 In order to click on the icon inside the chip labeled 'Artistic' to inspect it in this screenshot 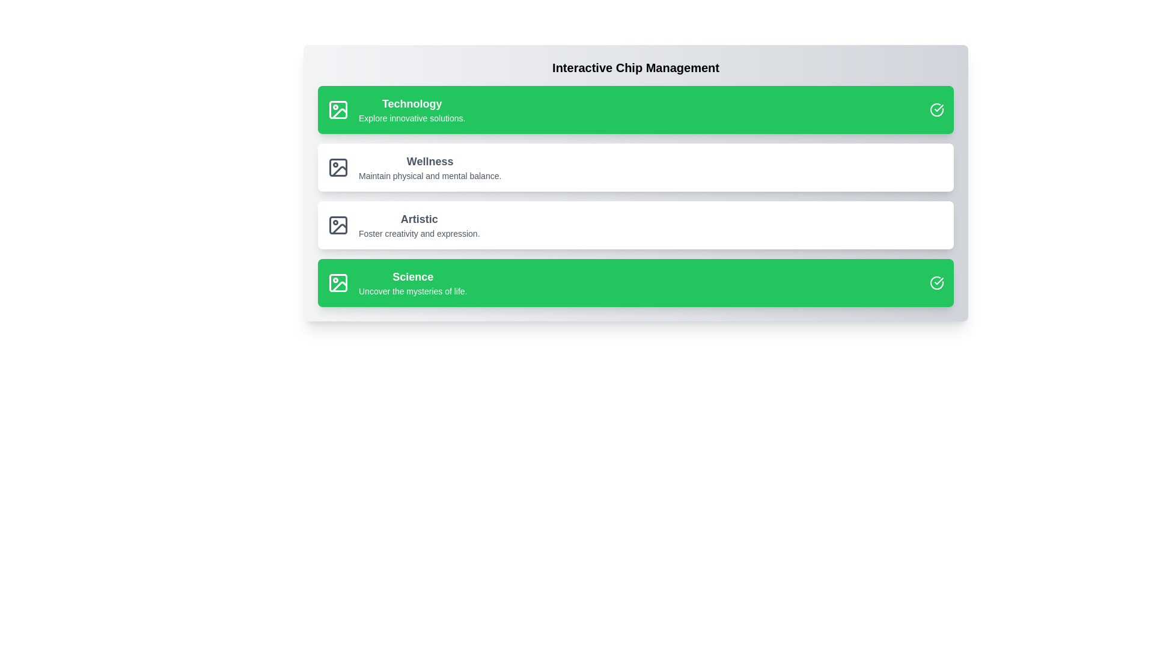, I will do `click(337, 225)`.